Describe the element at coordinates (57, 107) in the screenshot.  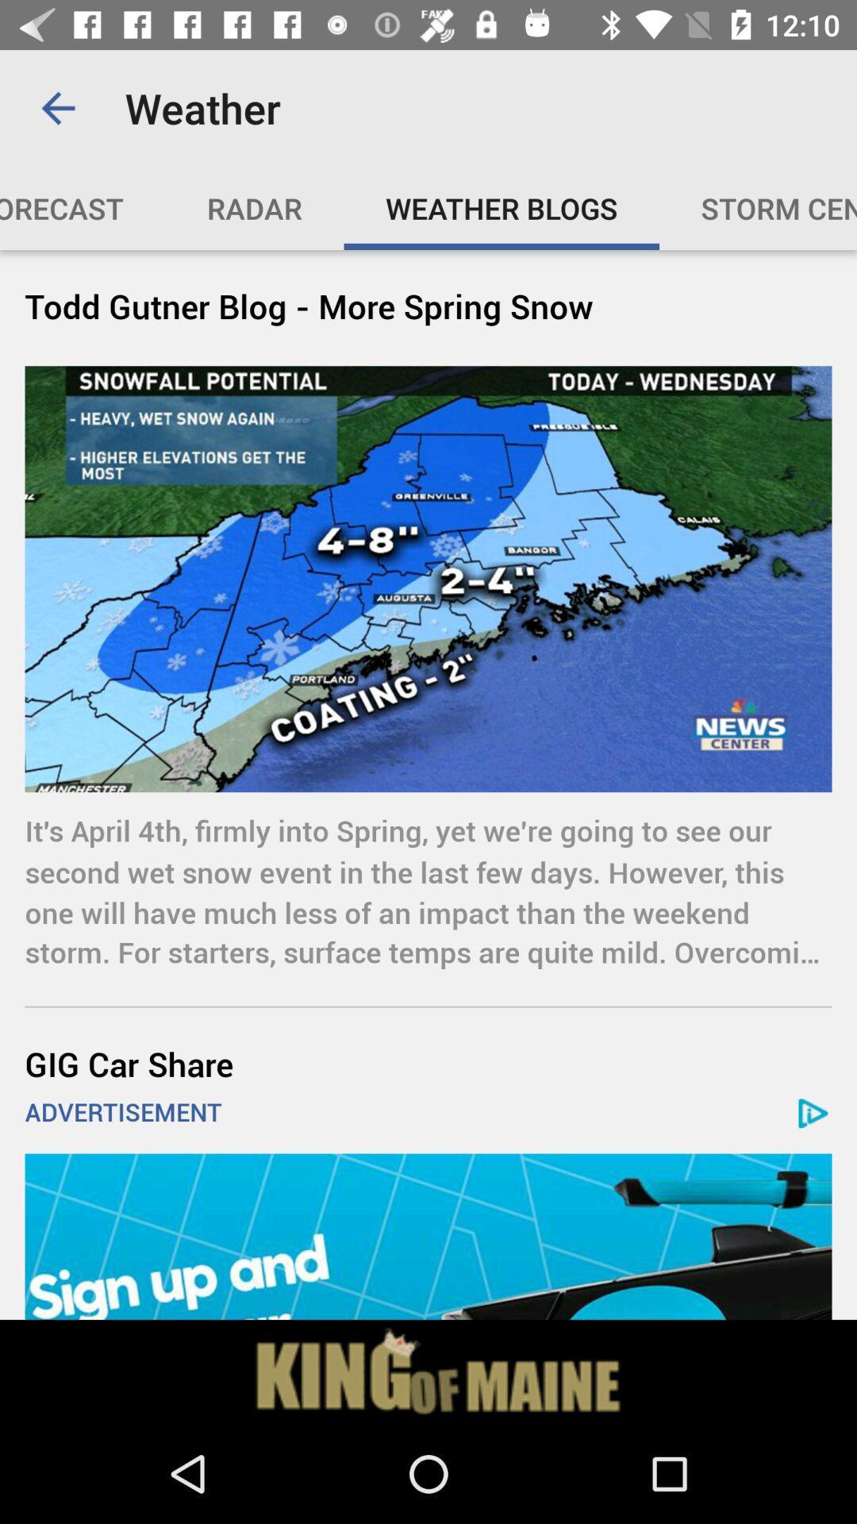
I see `icon next to weather` at that location.